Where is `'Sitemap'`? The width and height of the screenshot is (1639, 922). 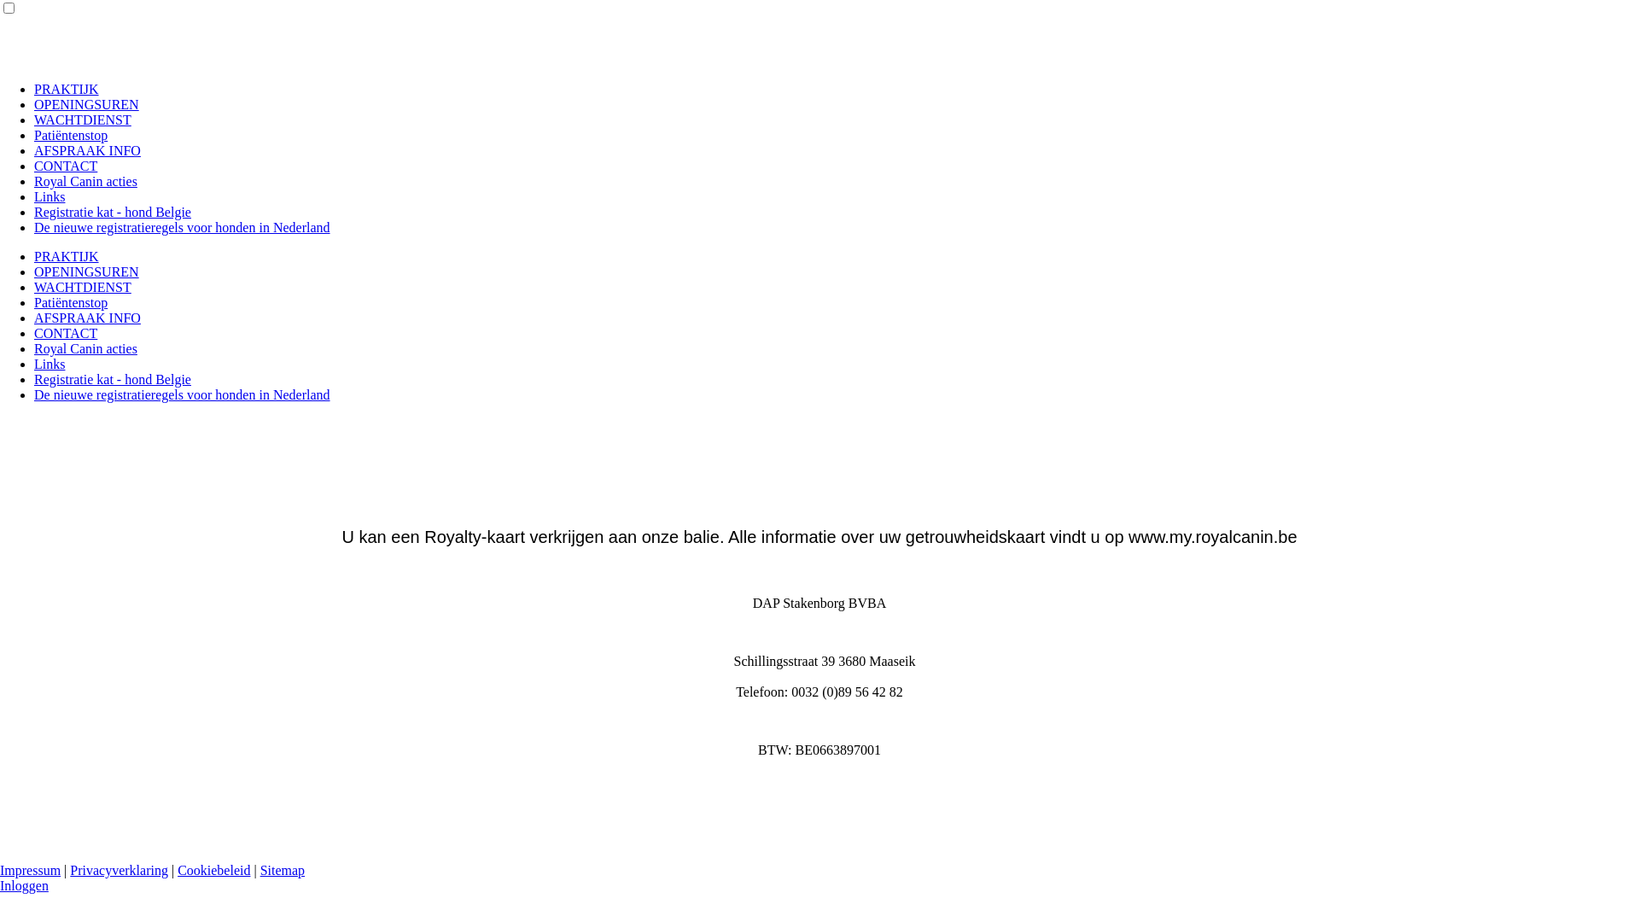
'Sitemap' is located at coordinates (260, 870).